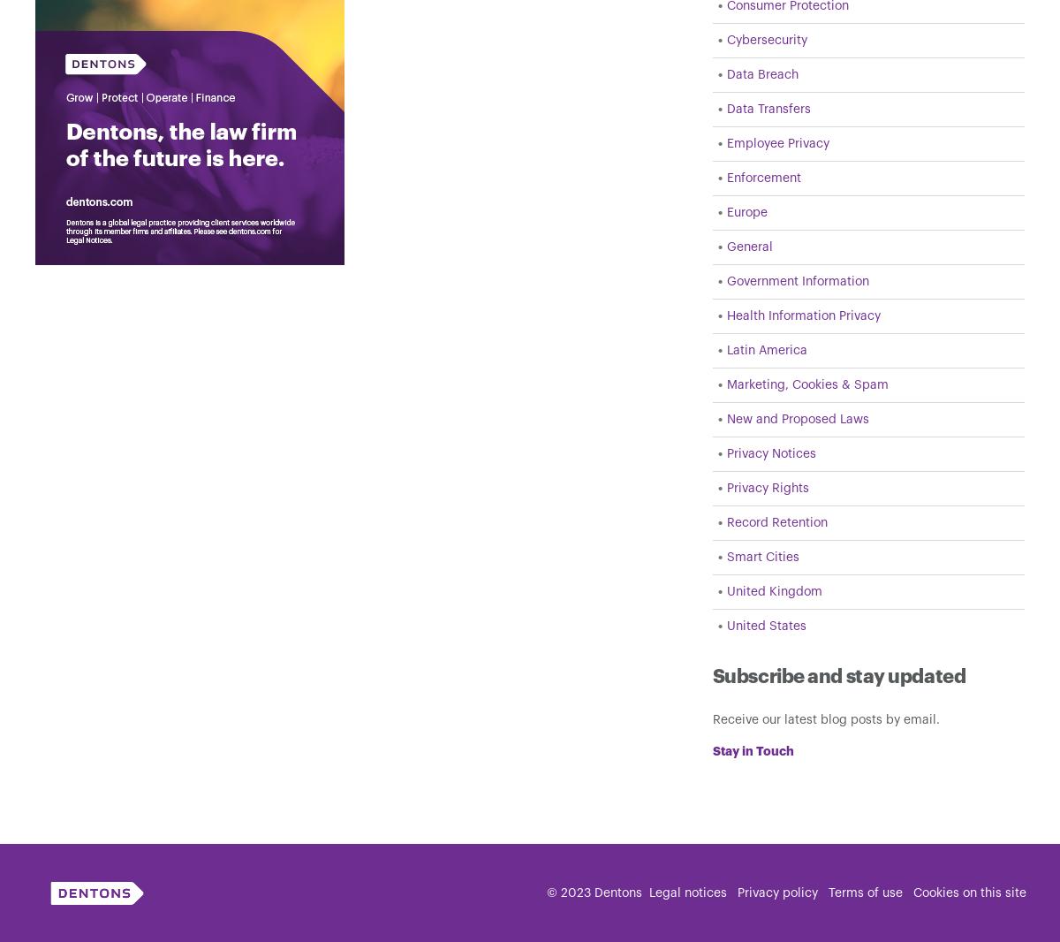 Image resolution: width=1060 pixels, height=942 pixels. Describe the element at coordinates (776, 893) in the screenshot. I see `'Privacy policy'` at that location.